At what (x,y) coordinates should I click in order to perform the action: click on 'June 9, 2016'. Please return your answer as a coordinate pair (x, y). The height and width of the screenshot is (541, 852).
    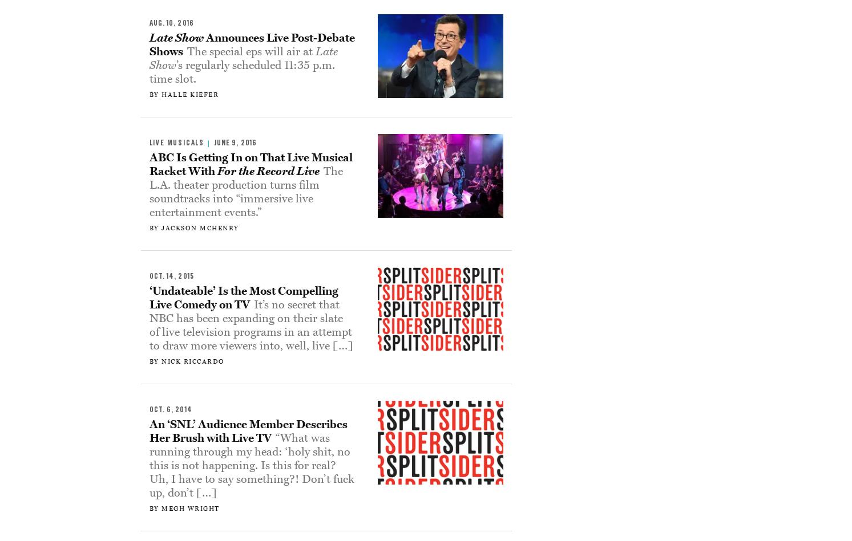
    Looking at the image, I should click on (213, 142).